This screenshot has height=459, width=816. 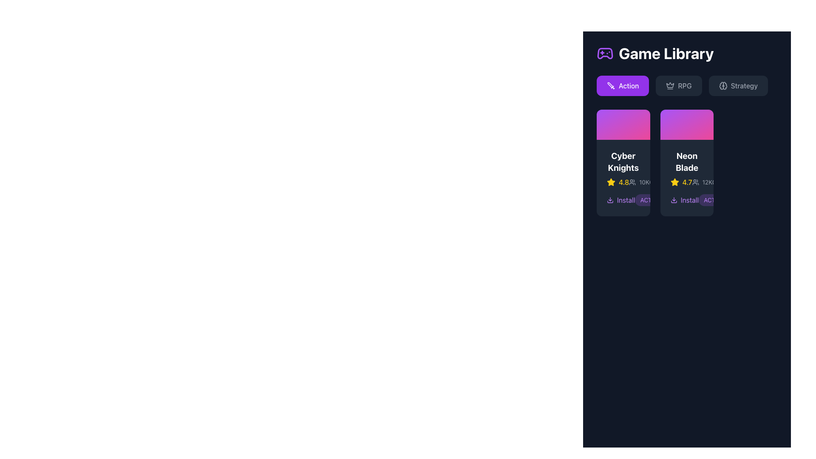 What do you see at coordinates (623, 125) in the screenshot?
I see `the banner representing the 'Cyber Knights' game, located at the top of the game card, positioned in the first column of the grid layout` at bounding box center [623, 125].